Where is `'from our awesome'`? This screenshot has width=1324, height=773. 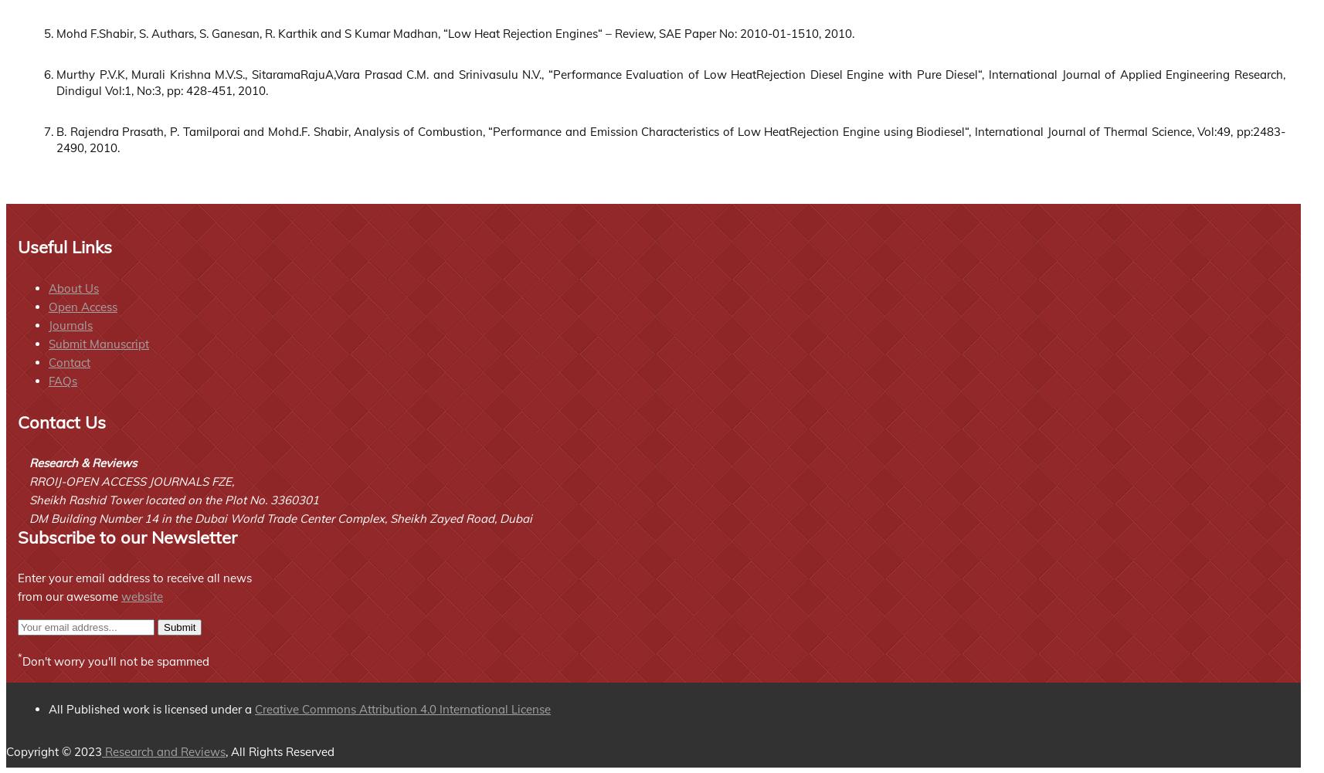 'from our awesome' is located at coordinates (68, 596).